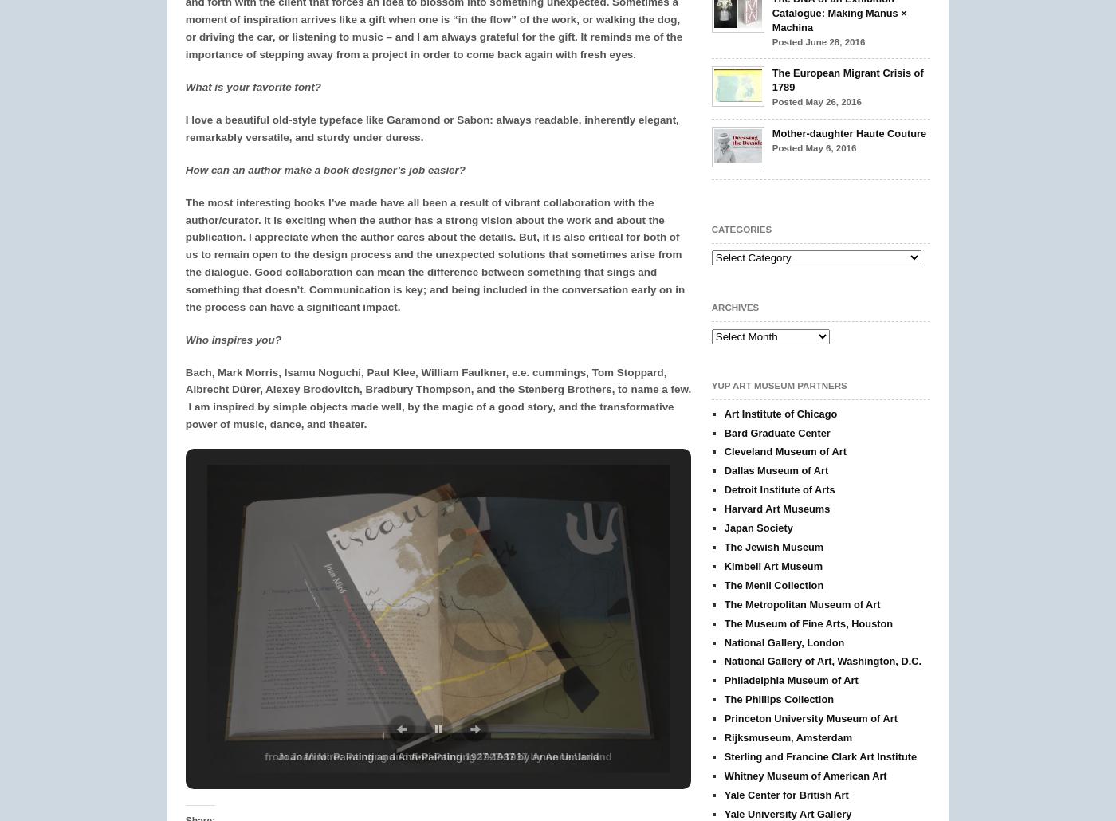 This screenshot has width=1116, height=821. I want to click on 'Categories', so click(741, 227).